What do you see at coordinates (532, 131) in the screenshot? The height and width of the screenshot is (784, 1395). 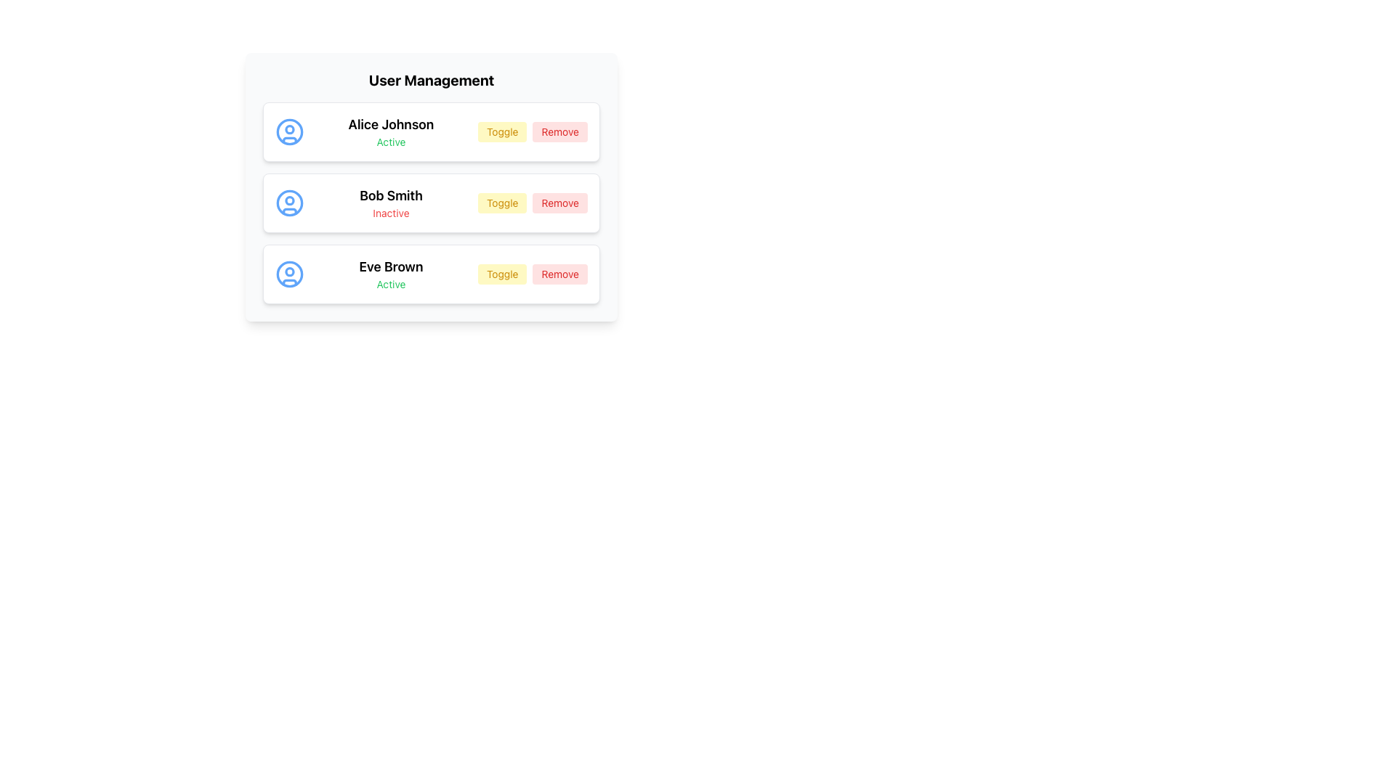 I see `the 'Toggle' button located in the top-right corner of the user card for 'Alice Johnson' to switch the state` at bounding box center [532, 131].